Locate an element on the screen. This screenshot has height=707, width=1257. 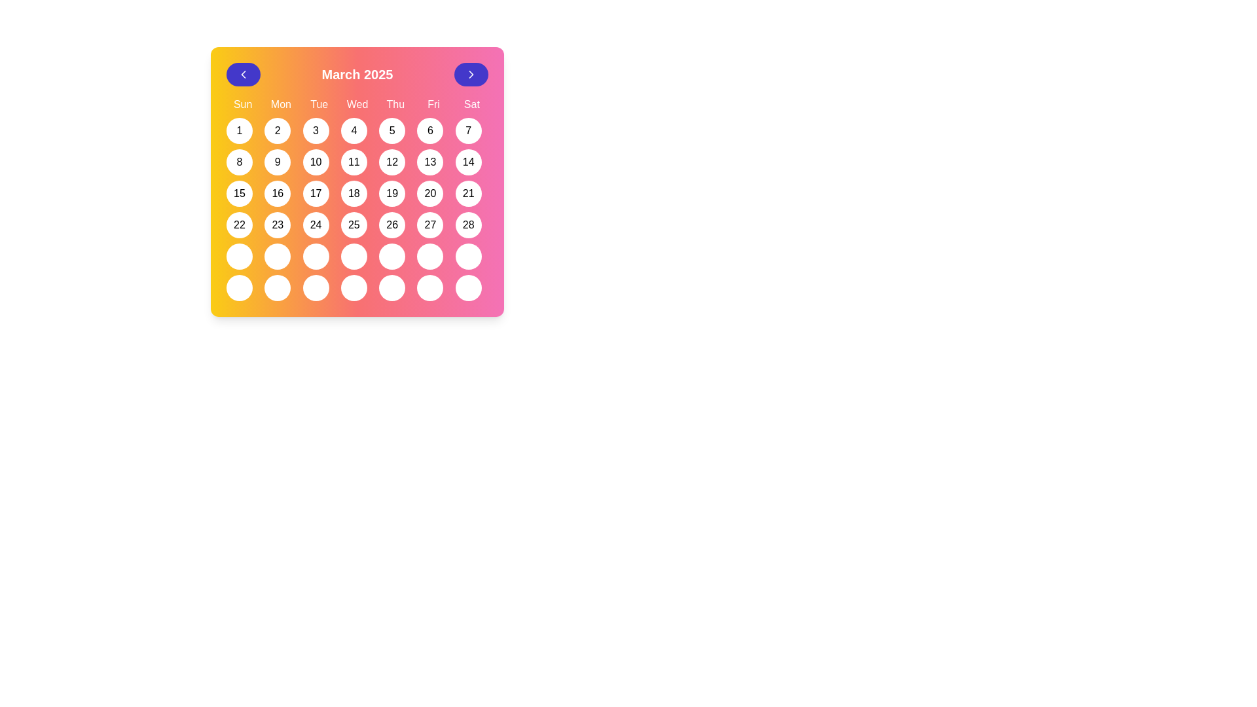
the blue button with rounded edges and a right-facing chevron icon located to the far right of the header section above the calendar grid is located at coordinates (471, 75).